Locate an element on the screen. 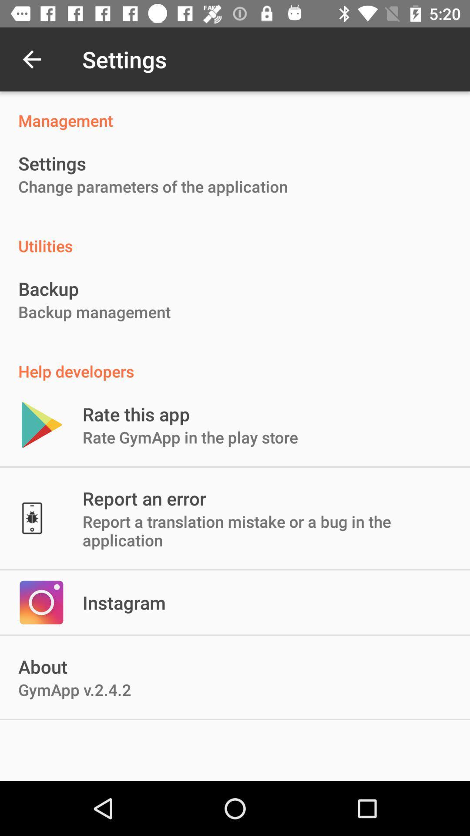 This screenshot has width=470, height=836. about is located at coordinates (43, 666).